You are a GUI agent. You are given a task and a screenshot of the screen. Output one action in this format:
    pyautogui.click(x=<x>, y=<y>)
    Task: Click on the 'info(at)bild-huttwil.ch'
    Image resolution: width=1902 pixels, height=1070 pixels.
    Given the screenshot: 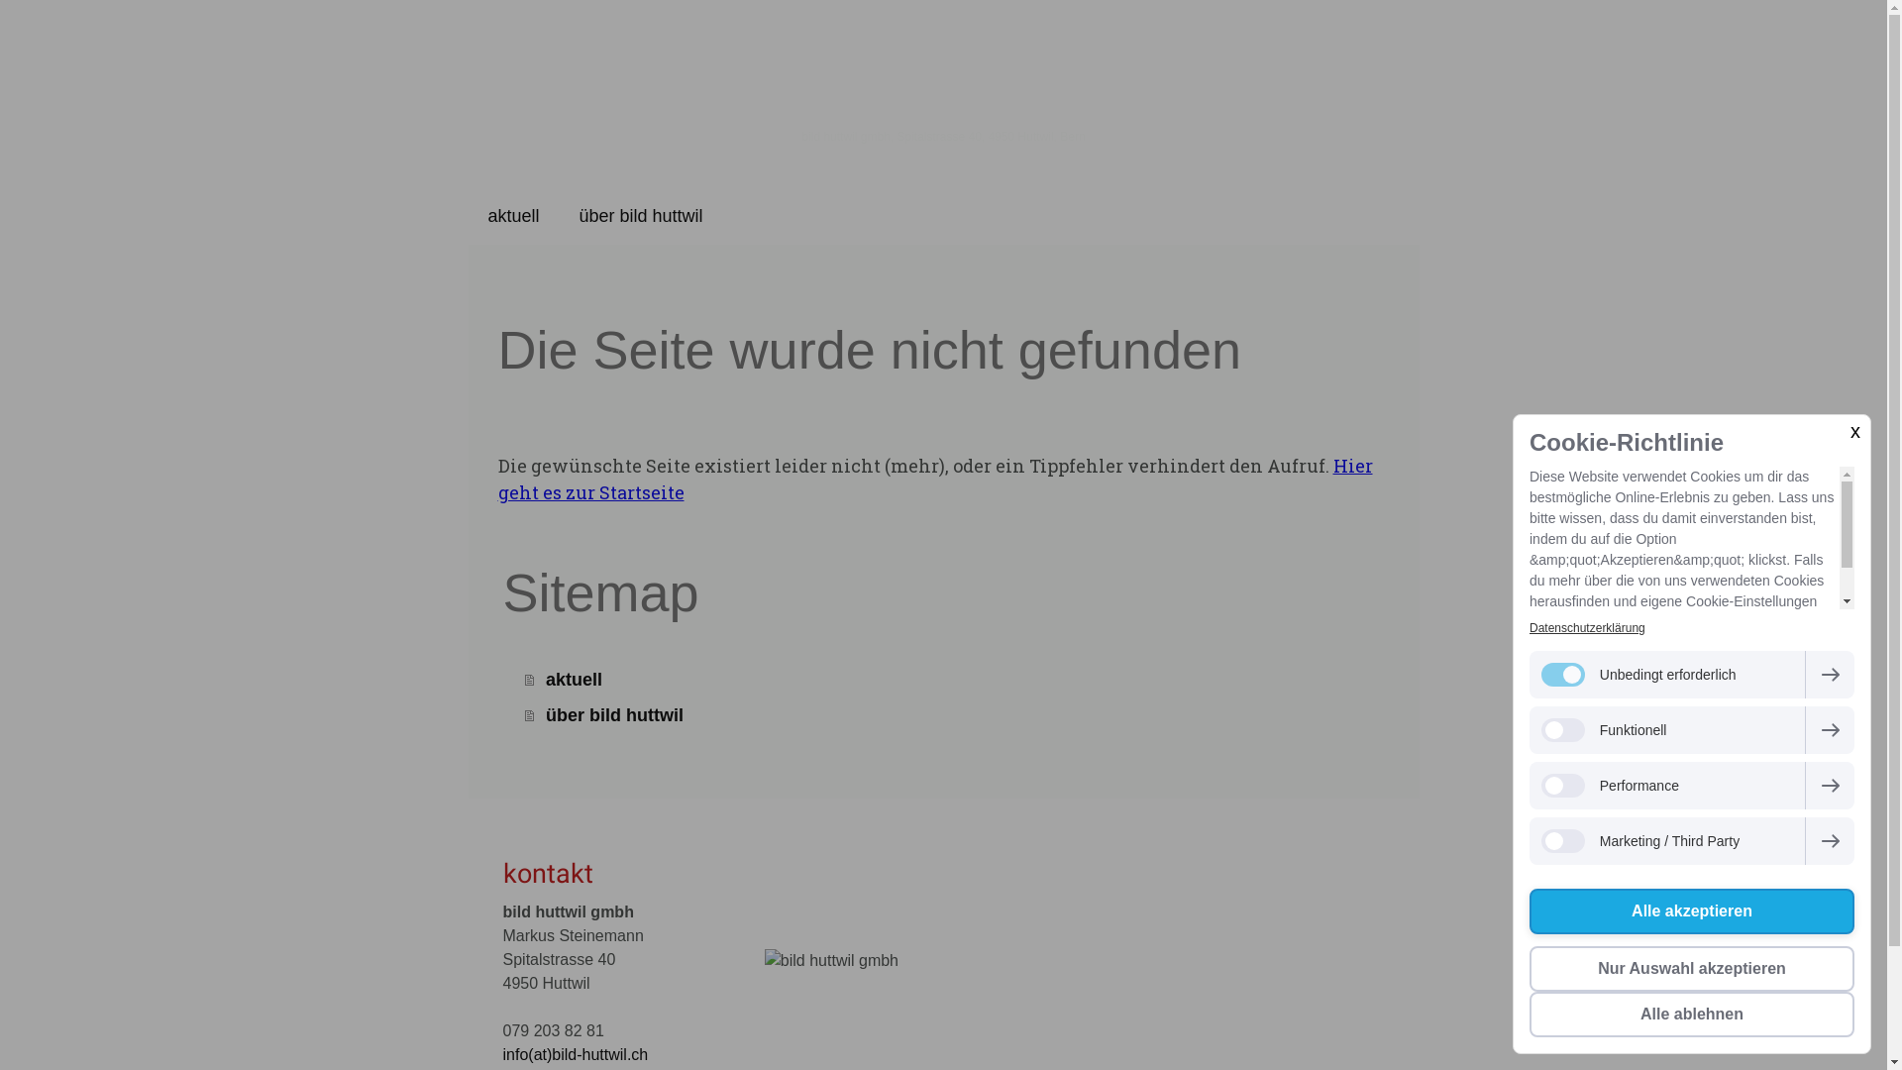 What is the action you would take?
    pyautogui.click(x=503, y=1053)
    